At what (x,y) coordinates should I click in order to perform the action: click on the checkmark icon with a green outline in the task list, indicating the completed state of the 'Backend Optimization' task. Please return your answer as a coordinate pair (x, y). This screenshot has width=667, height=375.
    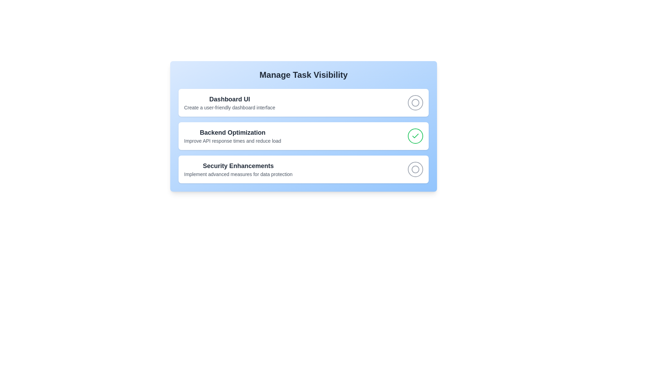
    Looking at the image, I should click on (415, 136).